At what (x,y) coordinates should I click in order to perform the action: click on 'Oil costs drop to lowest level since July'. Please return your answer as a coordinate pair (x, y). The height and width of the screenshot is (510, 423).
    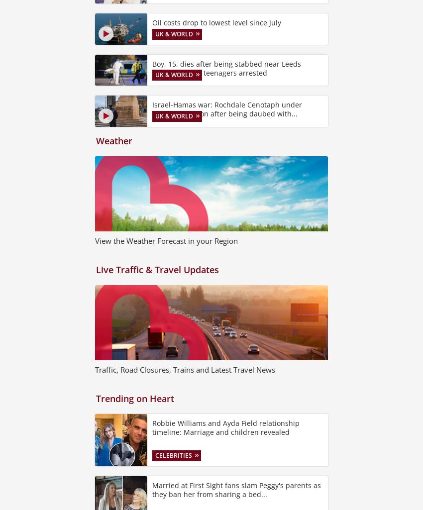
    Looking at the image, I should click on (216, 22).